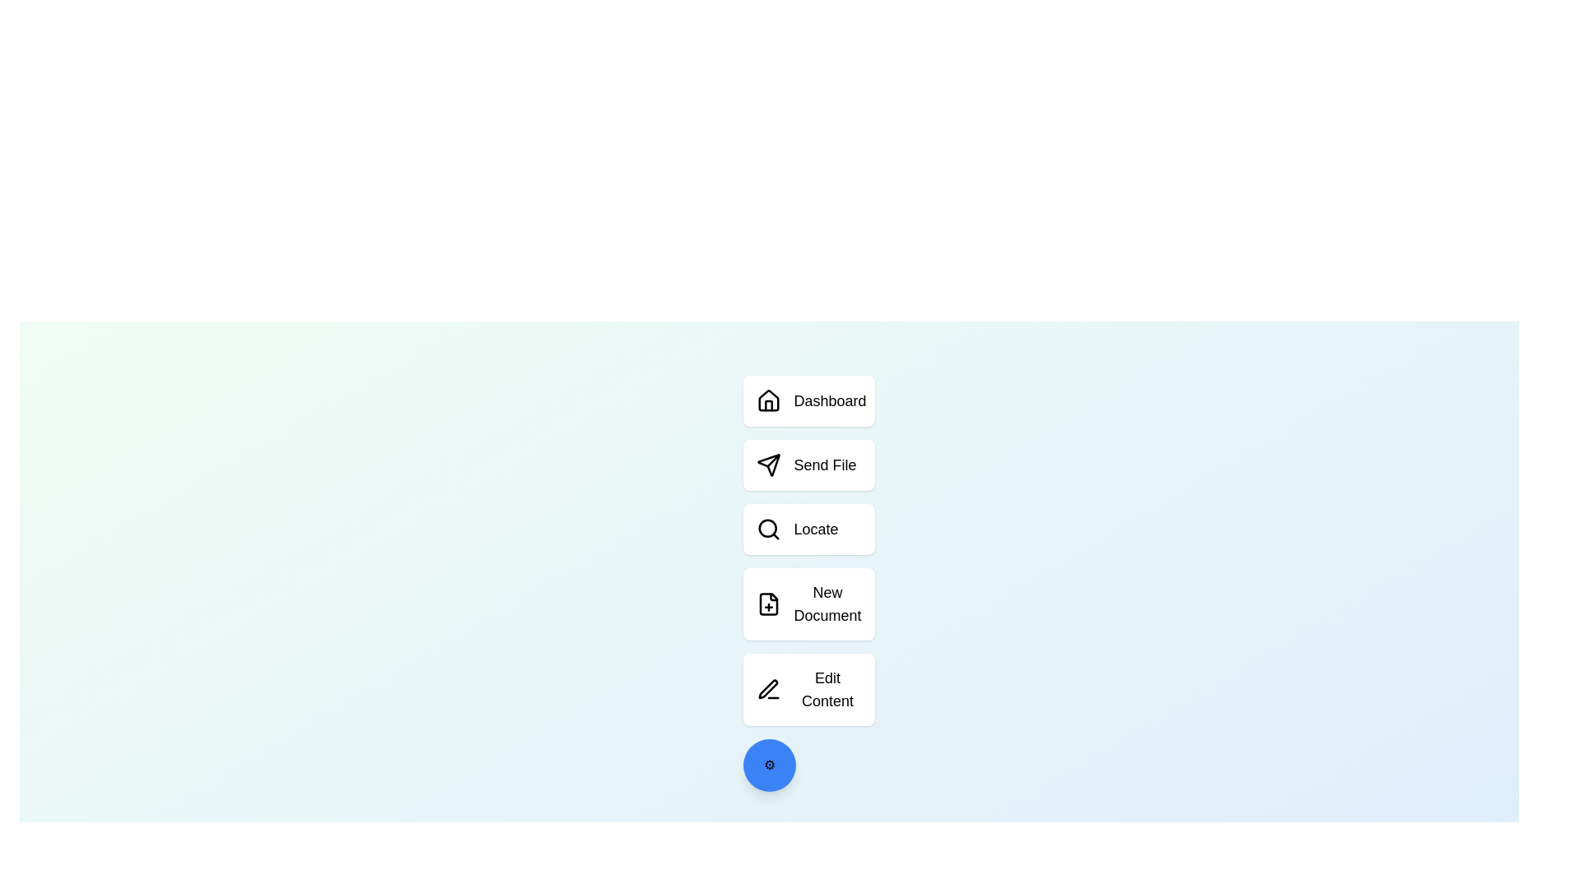  I want to click on the floating action button to toggle the menu, so click(768, 765).